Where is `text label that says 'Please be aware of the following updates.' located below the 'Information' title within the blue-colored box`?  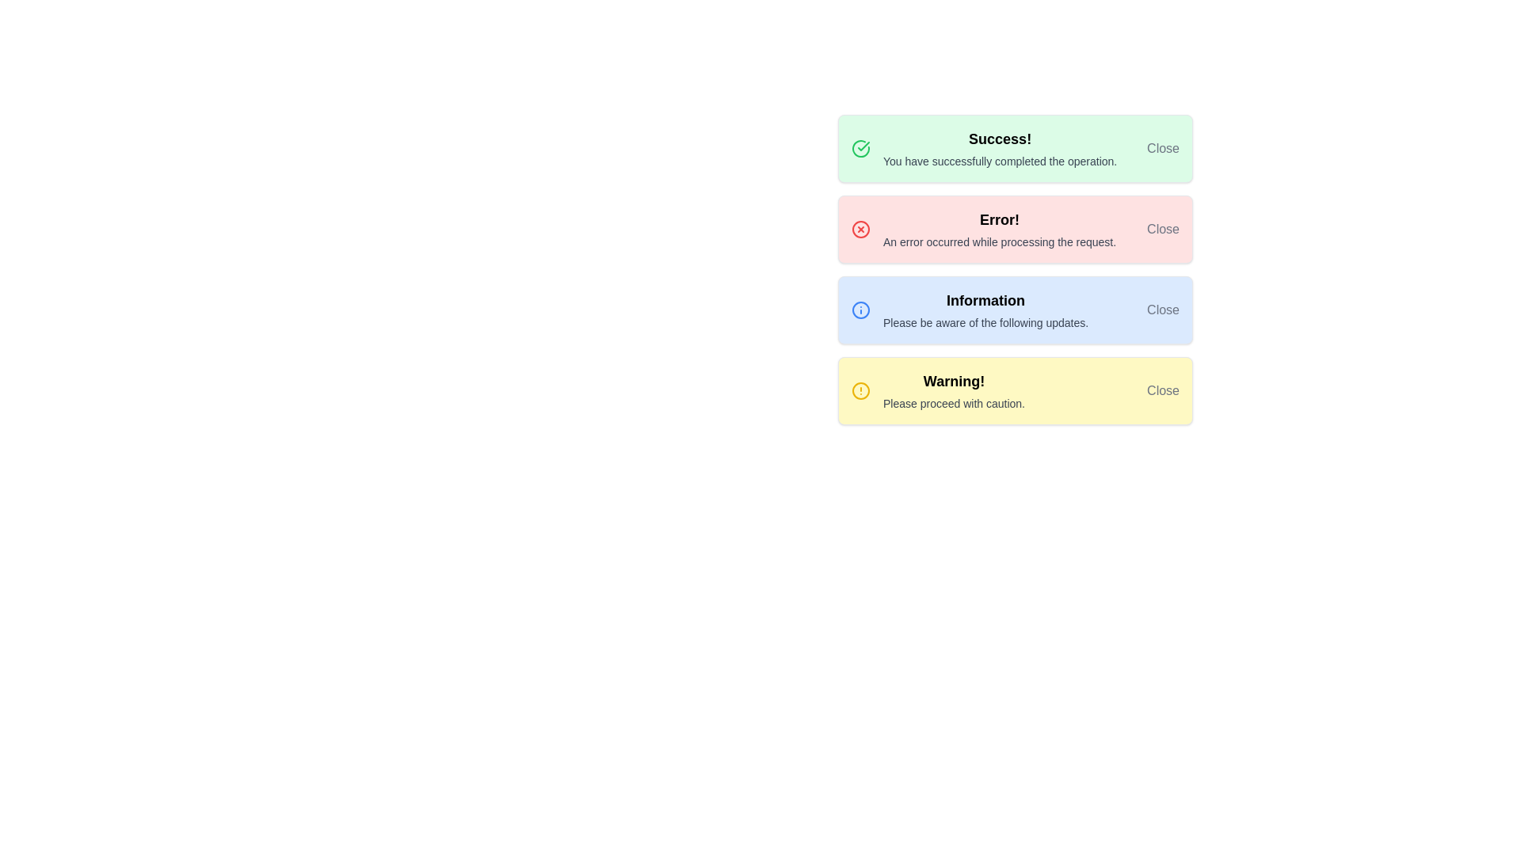 text label that says 'Please be aware of the following updates.' located below the 'Information' title within the blue-colored box is located at coordinates (985, 322).